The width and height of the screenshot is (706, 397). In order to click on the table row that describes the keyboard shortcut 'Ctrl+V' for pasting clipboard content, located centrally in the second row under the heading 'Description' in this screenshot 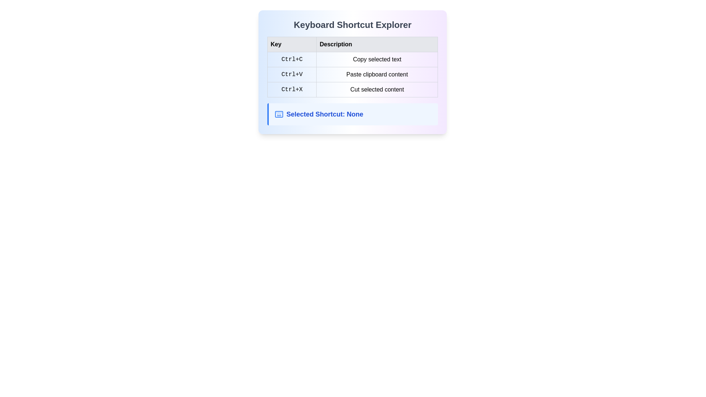, I will do `click(352, 75)`.